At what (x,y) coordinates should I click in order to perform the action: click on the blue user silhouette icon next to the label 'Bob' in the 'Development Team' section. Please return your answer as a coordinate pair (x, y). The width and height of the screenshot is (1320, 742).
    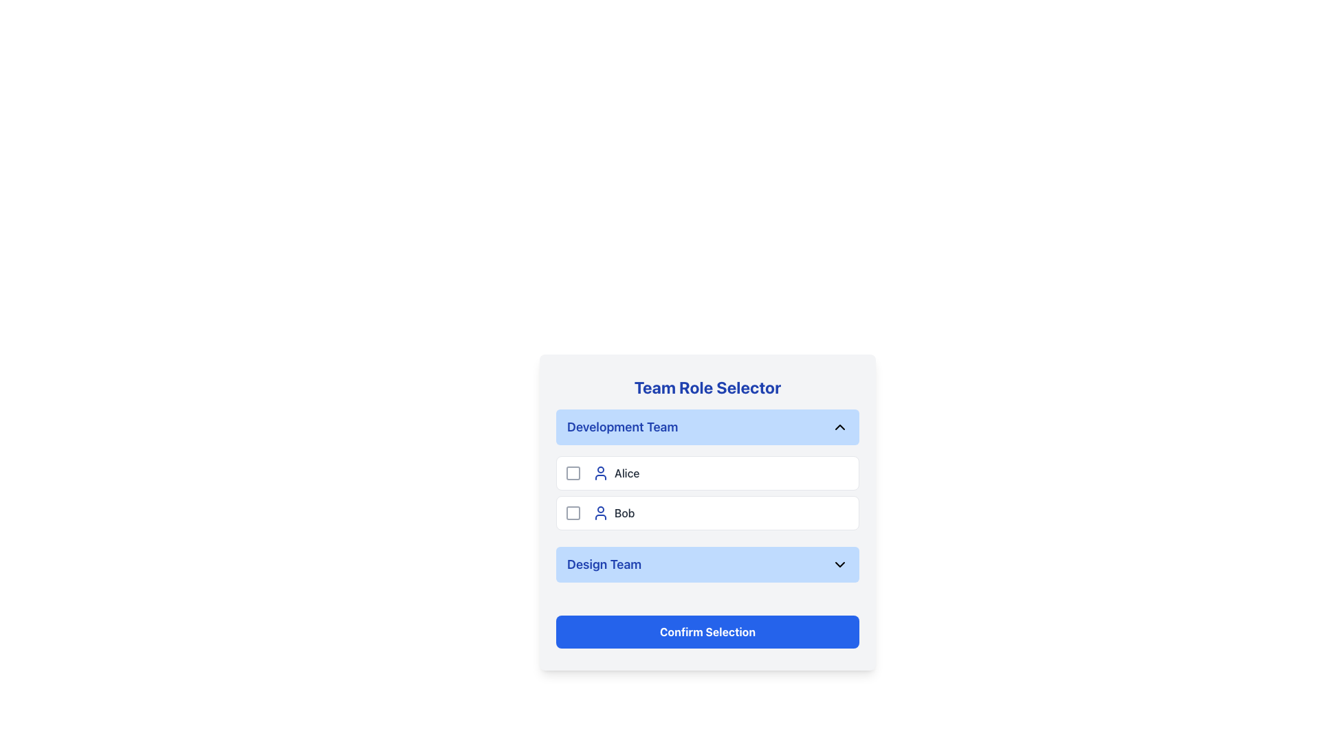
    Looking at the image, I should click on (600, 513).